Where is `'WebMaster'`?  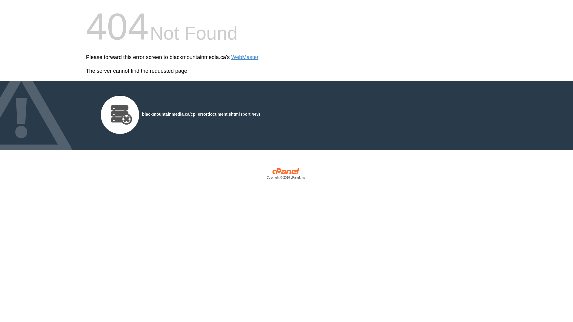
'WebMaster' is located at coordinates (245, 57).